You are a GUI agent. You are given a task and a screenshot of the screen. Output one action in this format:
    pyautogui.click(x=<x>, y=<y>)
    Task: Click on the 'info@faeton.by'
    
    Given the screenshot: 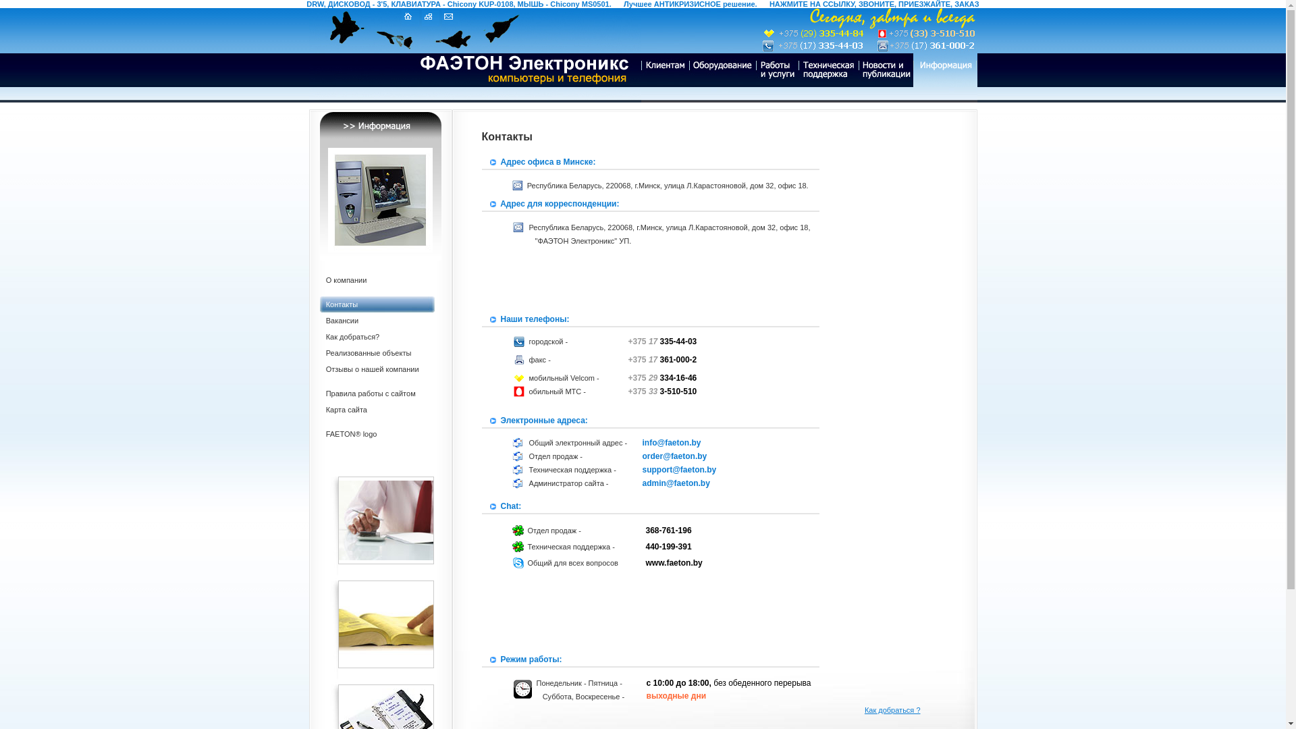 What is the action you would take?
    pyautogui.click(x=641, y=442)
    